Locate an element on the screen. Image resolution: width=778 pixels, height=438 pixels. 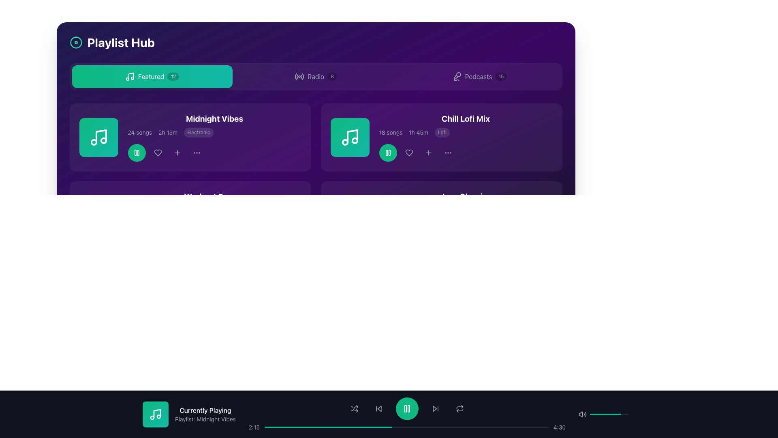
the gray plus icon located is located at coordinates (177, 153).